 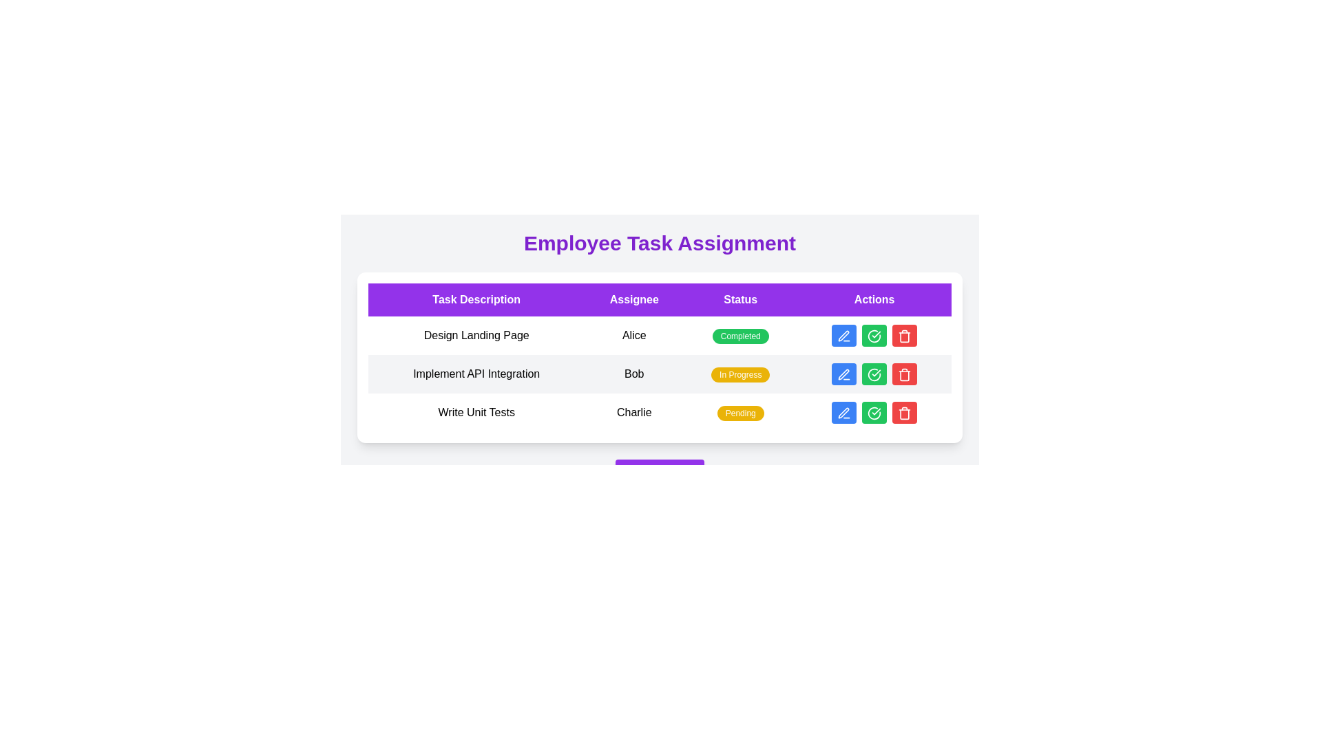 I want to click on the text of the 'Charlie' label in the Employee Task Assignment table, which is located in the second column of the third row, between 'Write Unit Tests' and 'Pending', so click(x=633, y=412).